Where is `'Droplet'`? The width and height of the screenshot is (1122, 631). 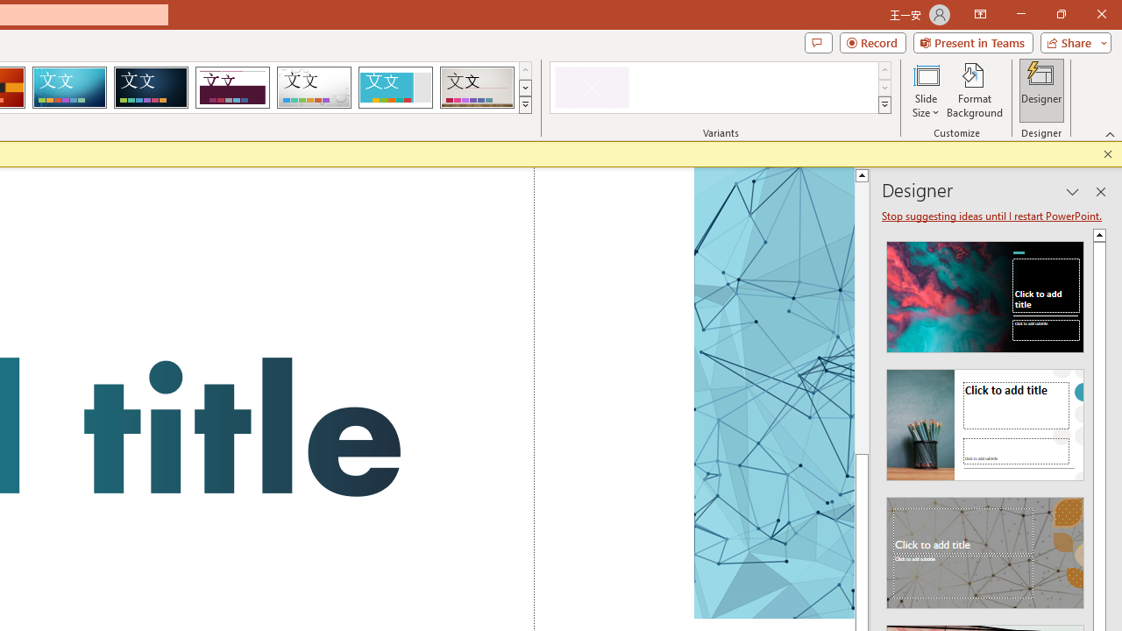 'Droplet' is located at coordinates (314, 88).